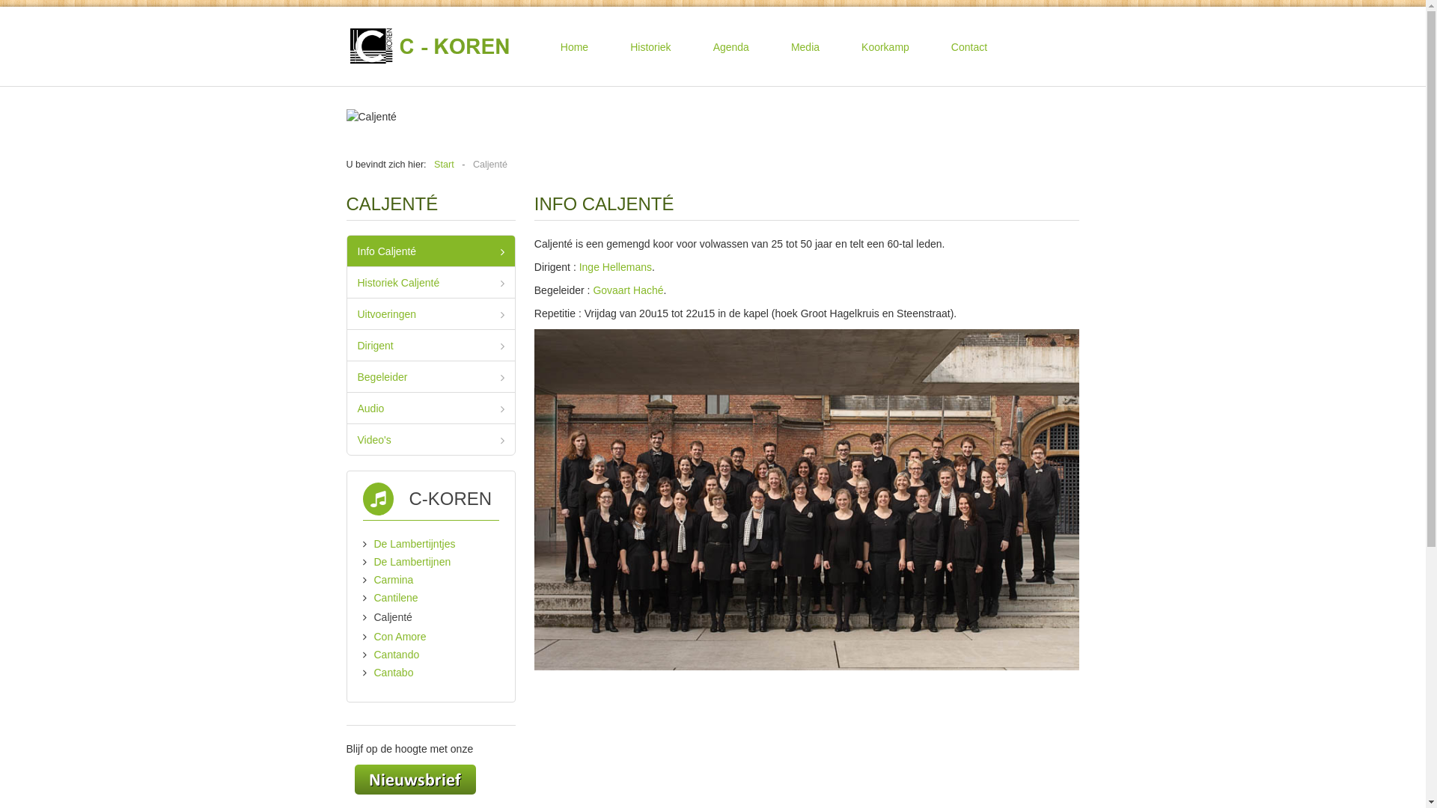 Image resolution: width=1437 pixels, height=808 pixels. What do you see at coordinates (394, 579) in the screenshot?
I see `'Carmina'` at bounding box center [394, 579].